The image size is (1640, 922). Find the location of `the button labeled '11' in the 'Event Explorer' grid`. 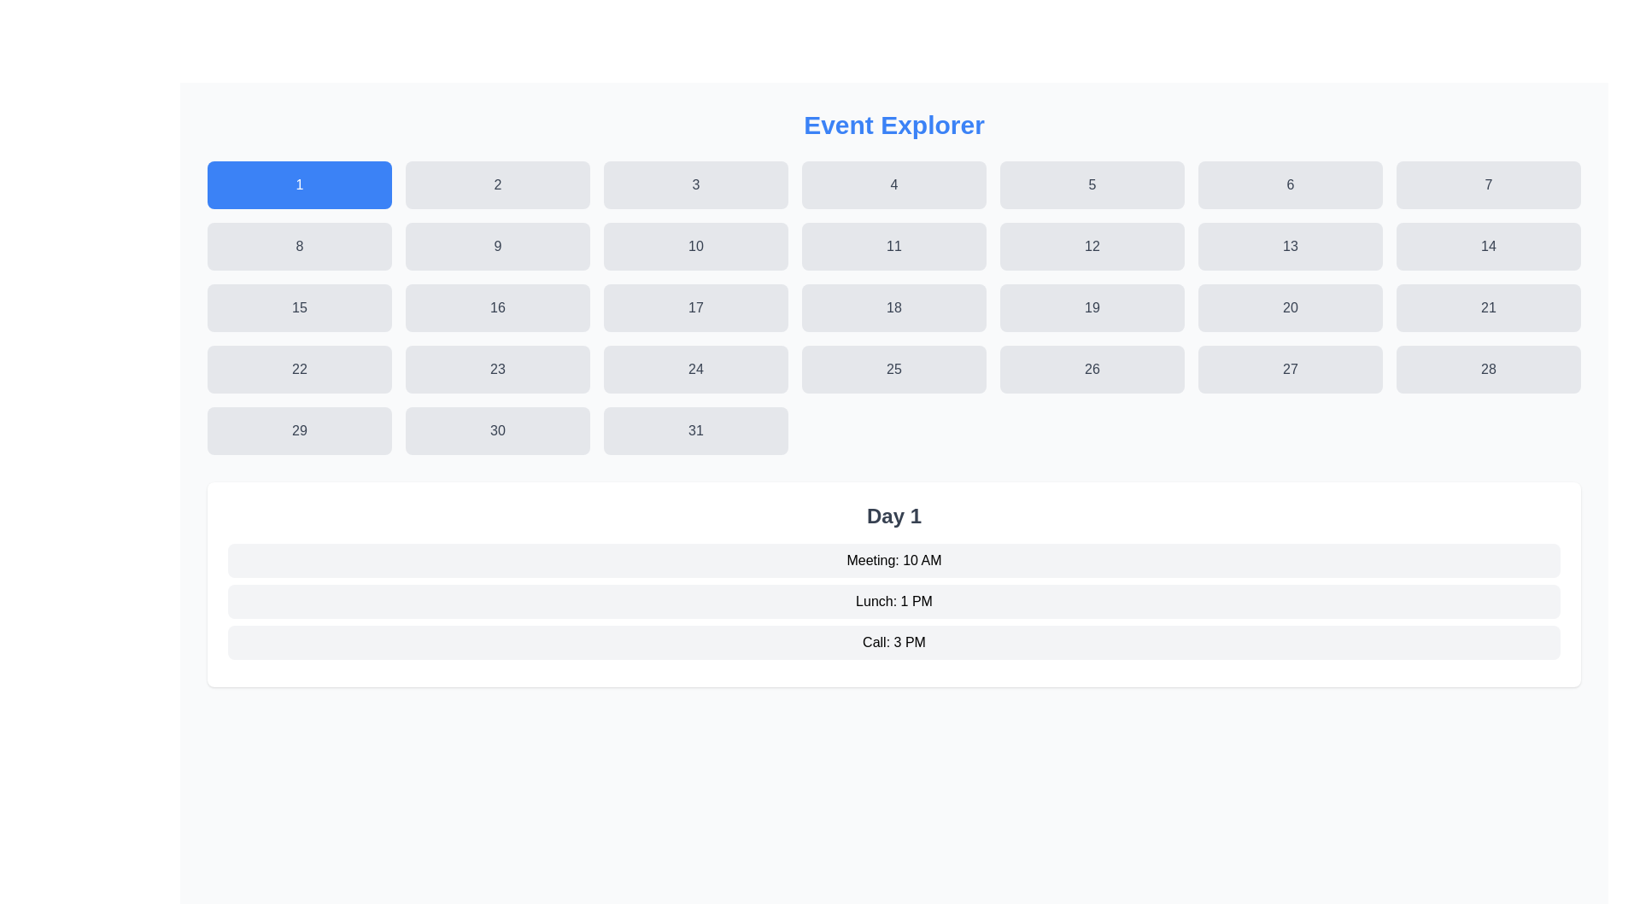

the button labeled '11' in the 'Event Explorer' grid is located at coordinates (893, 247).